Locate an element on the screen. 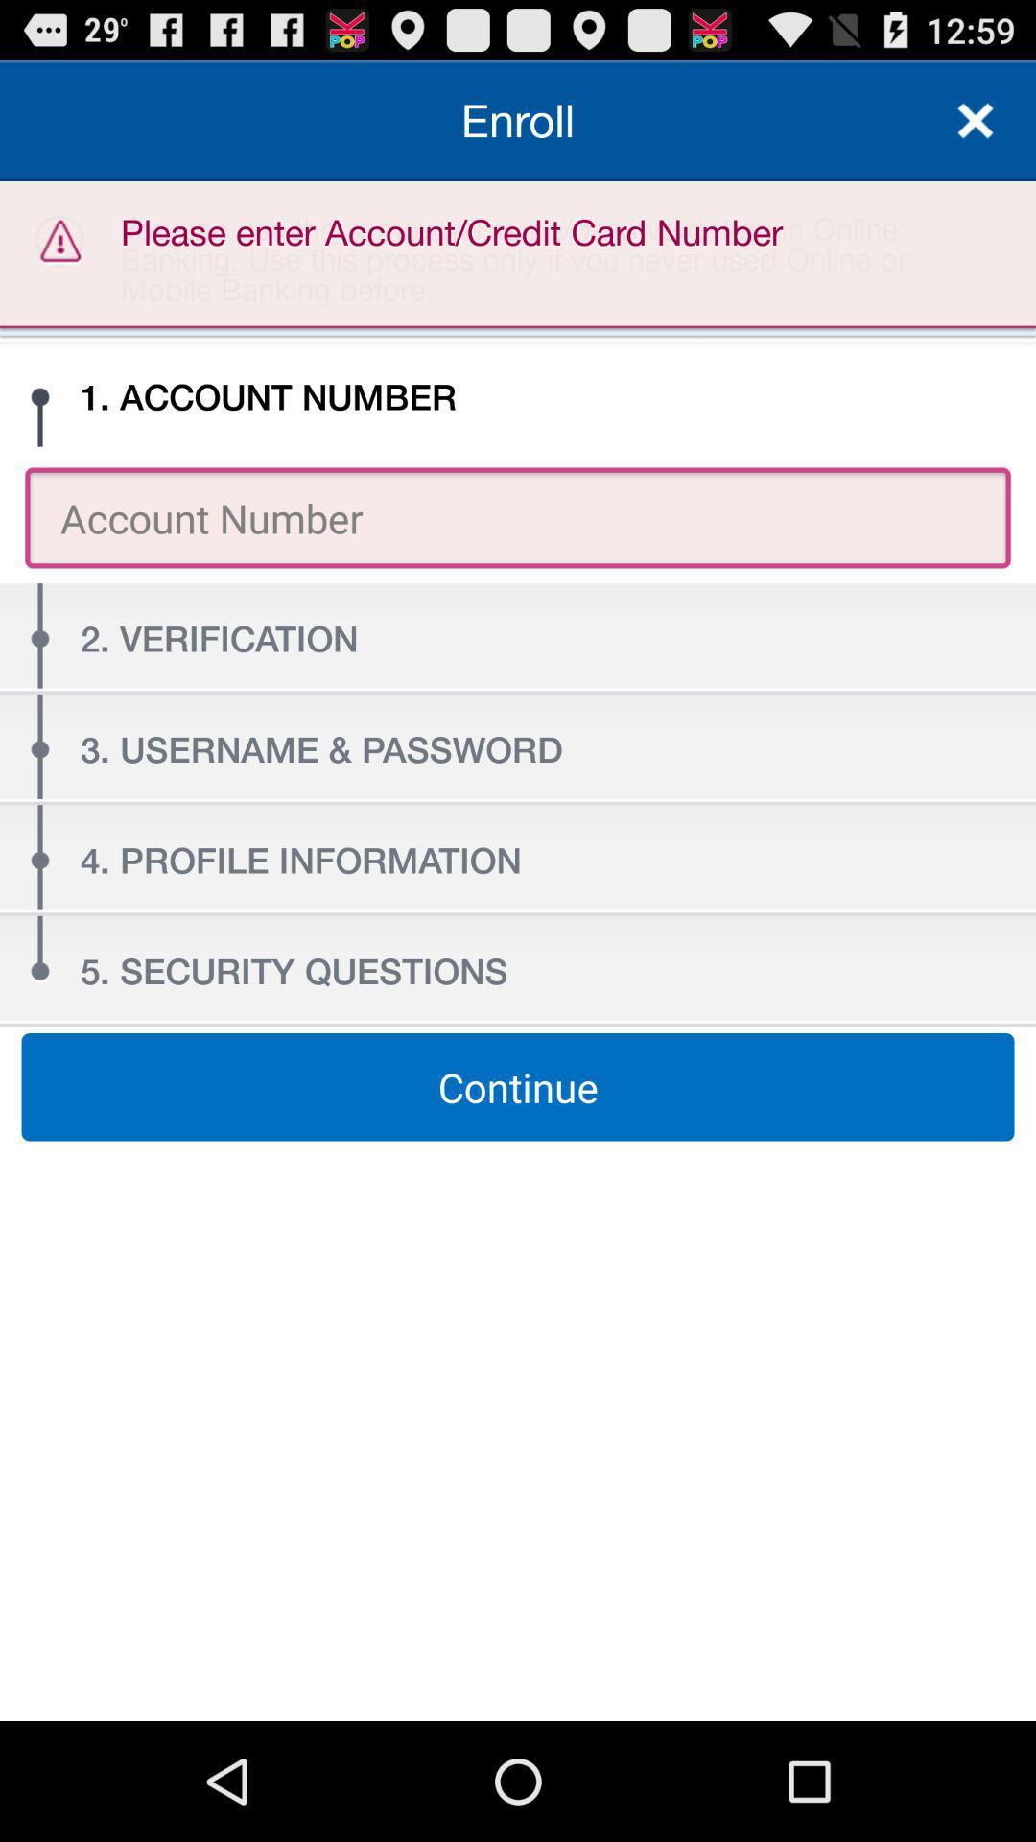  item above the 2. verification icon is located at coordinates (518, 517).